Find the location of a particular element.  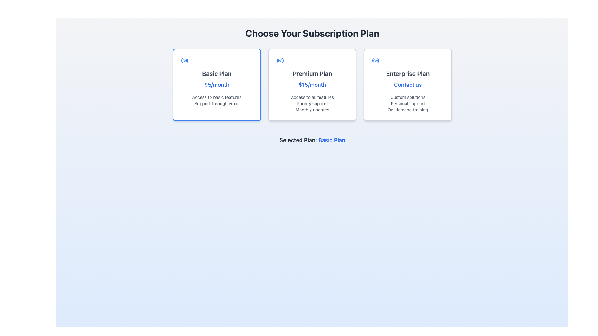

the text element displaying 'Monthly updates', which is the third item in the vertical list of features under the Premium Plan section is located at coordinates (312, 110).